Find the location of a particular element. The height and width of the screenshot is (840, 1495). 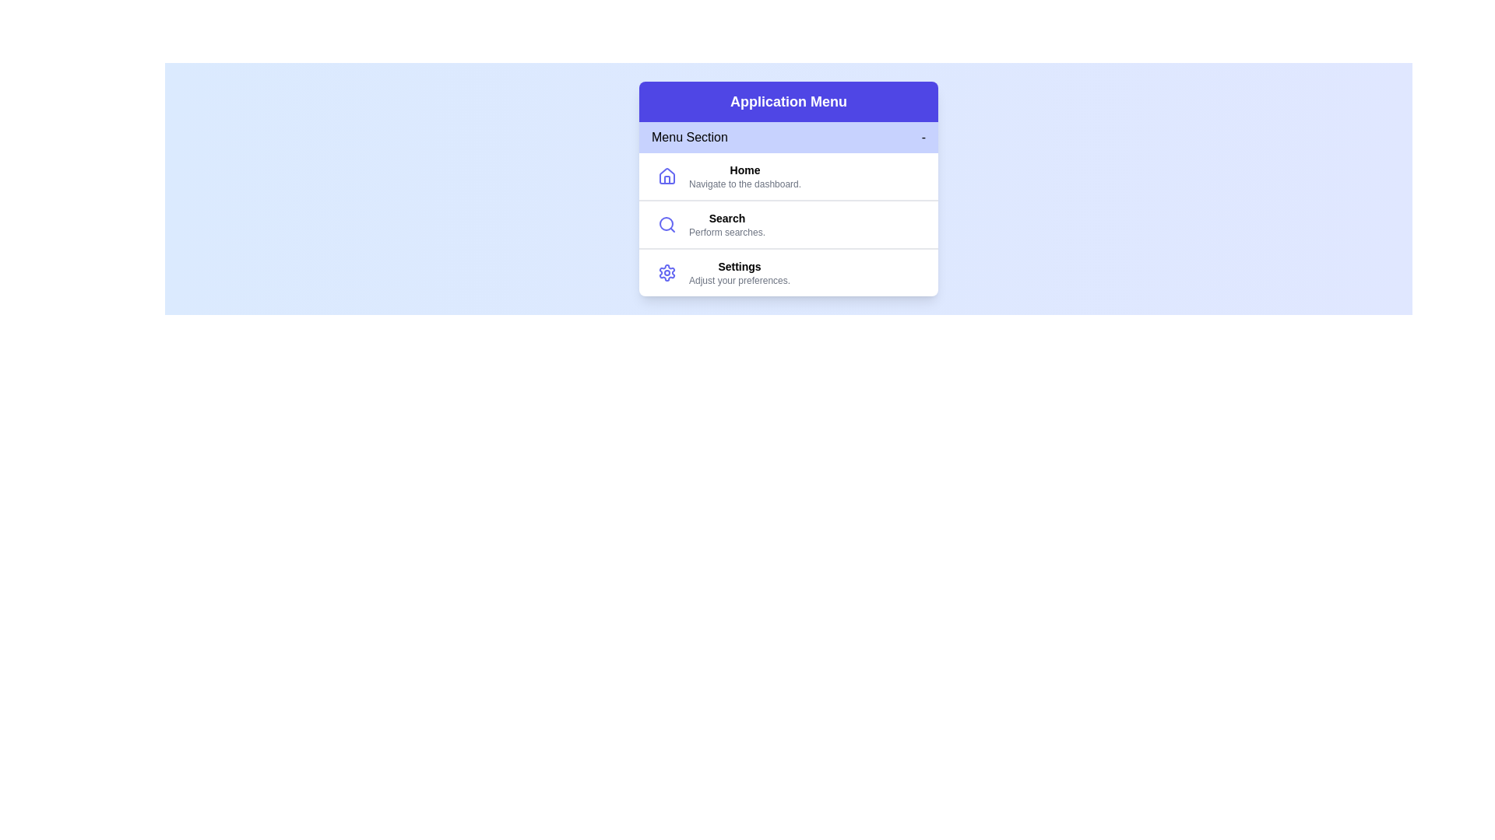

the menu item Home by clicking on it is located at coordinates (744, 176).